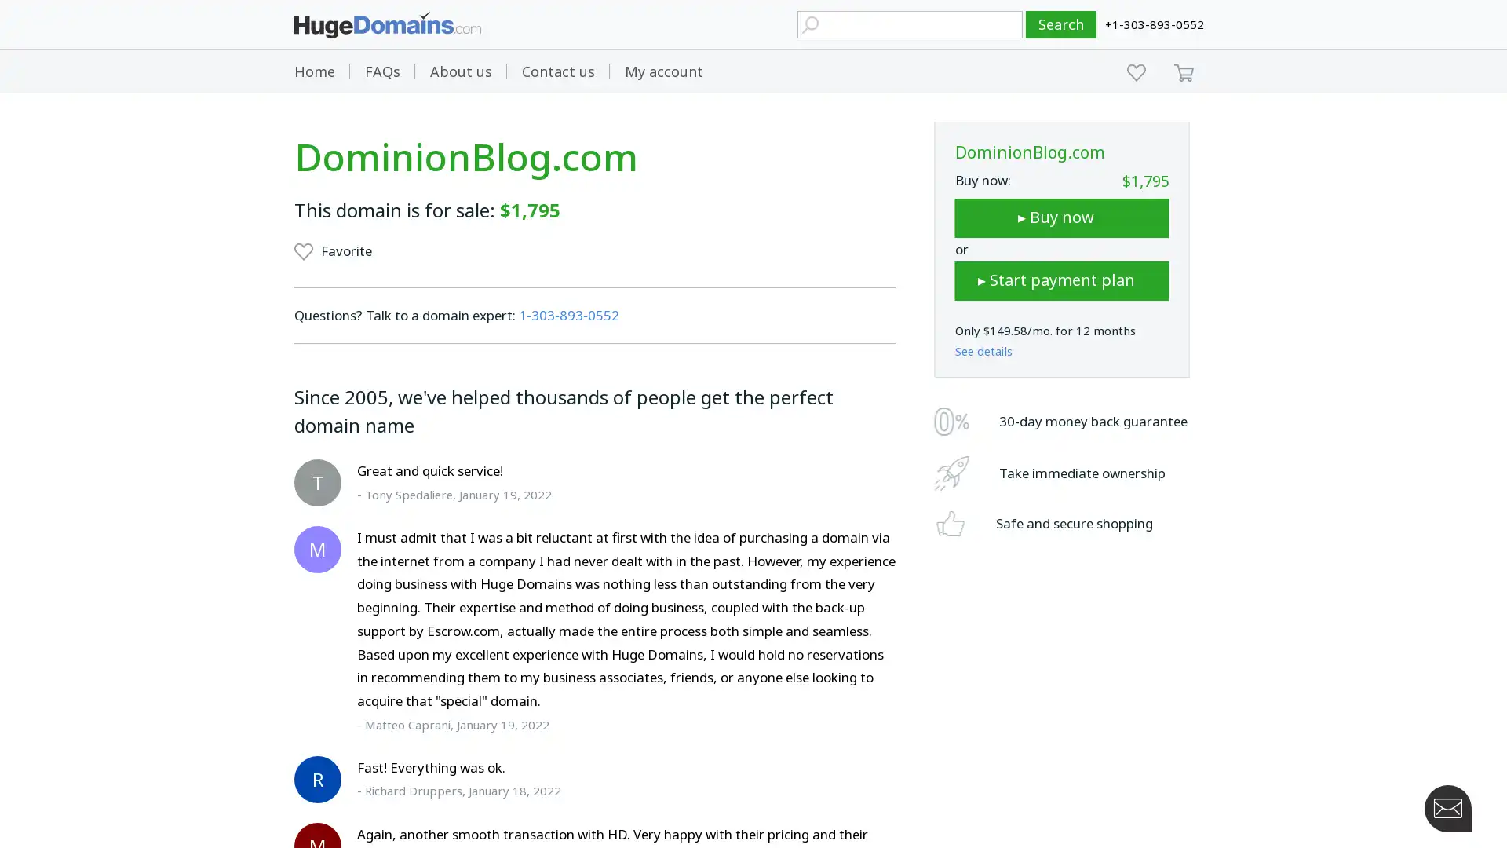  I want to click on Search, so click(1061, 24).